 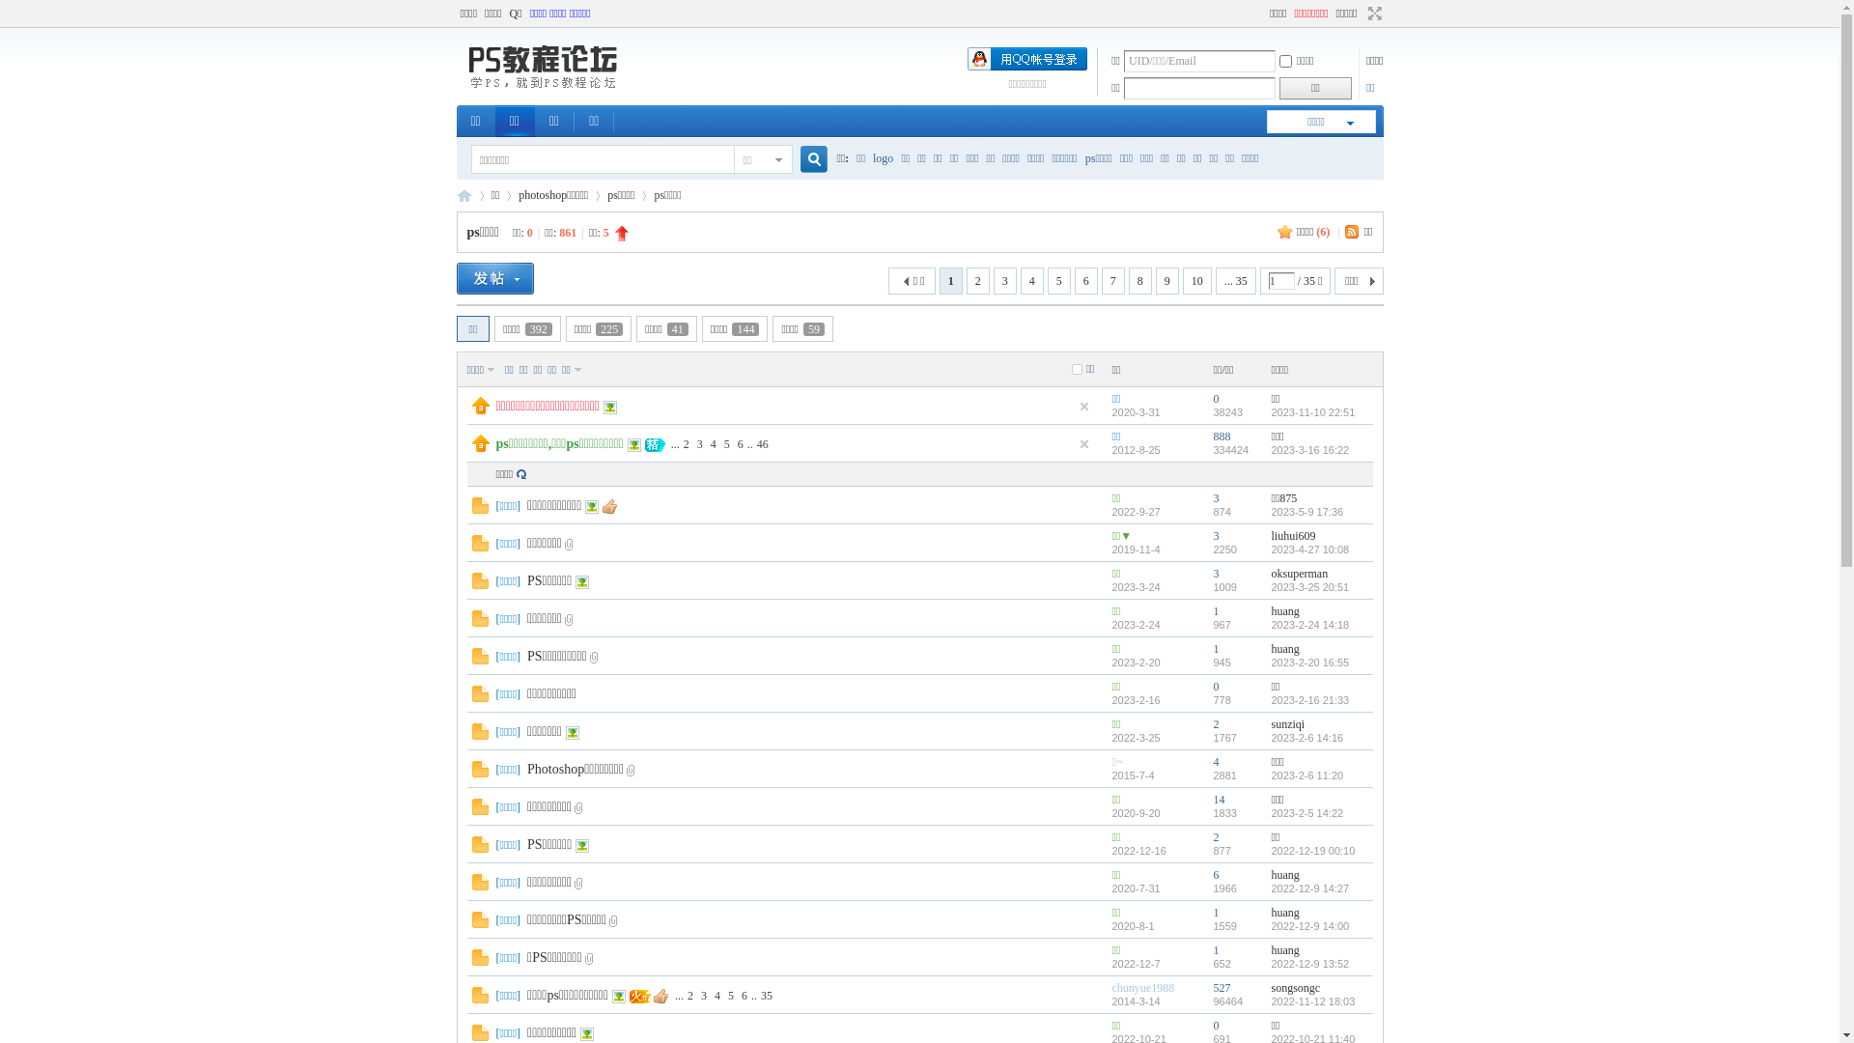 I want to click on 'liuhui609', so click(x=1270, y=536).